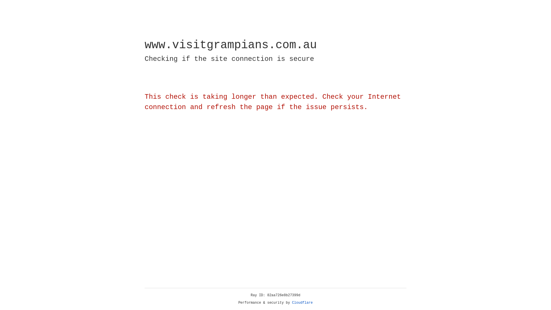 This screenshot has width=551, height=310. What do you see at coordinates (302, 303) in the screenshot?
I see `'Cloudflare'` at bounding box center [302, 303].